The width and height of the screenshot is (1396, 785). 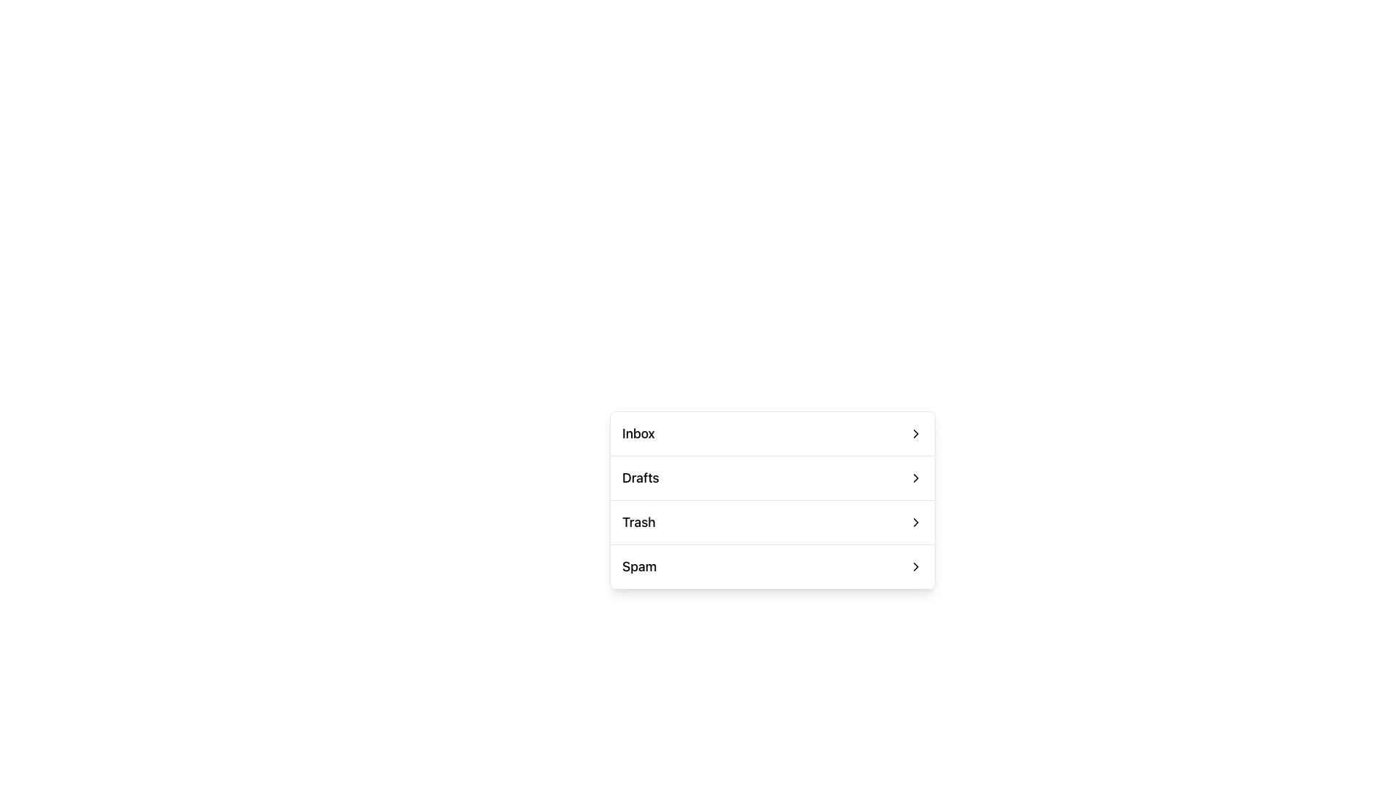 I want to click on the rightward-pointing chevron icon located to the right of the 'Trash' text, which is the third icon in a vertical list of four similar icons, so click(x=915, y=521).